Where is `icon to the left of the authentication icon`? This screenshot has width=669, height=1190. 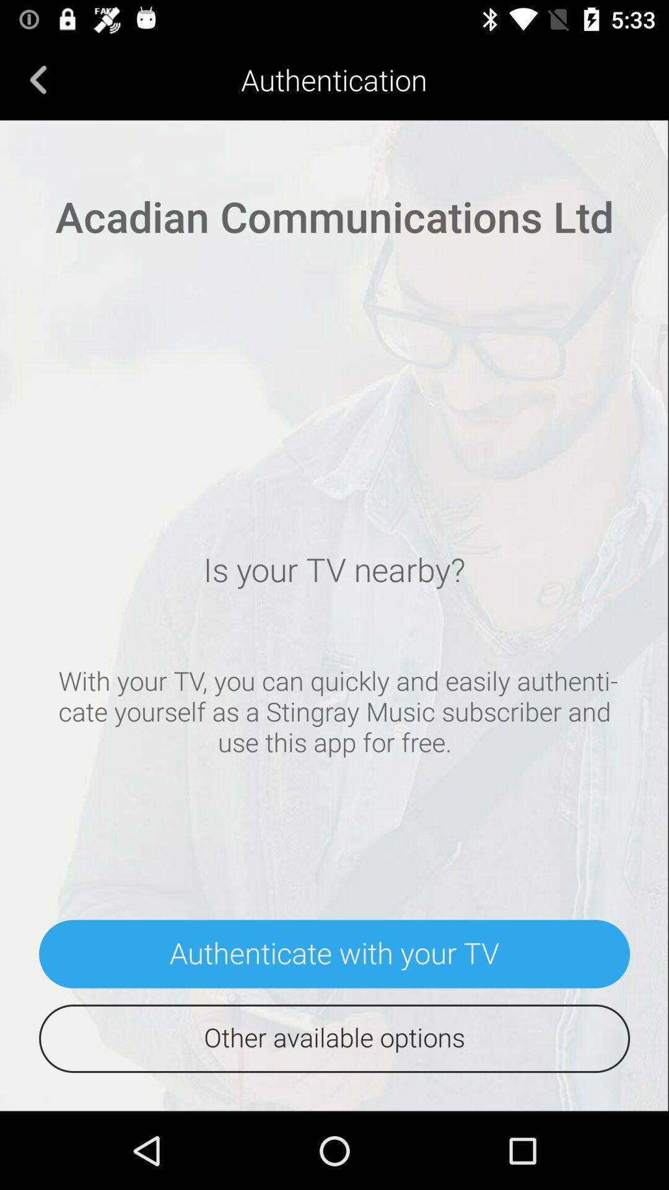
icon to the left of the authentication icon is located at coordinates (38, 79).